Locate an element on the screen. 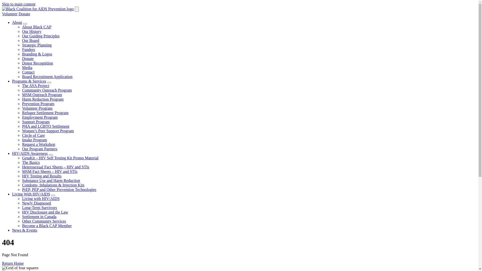  'Volunteer Program' is located at coordinates (37, 108).